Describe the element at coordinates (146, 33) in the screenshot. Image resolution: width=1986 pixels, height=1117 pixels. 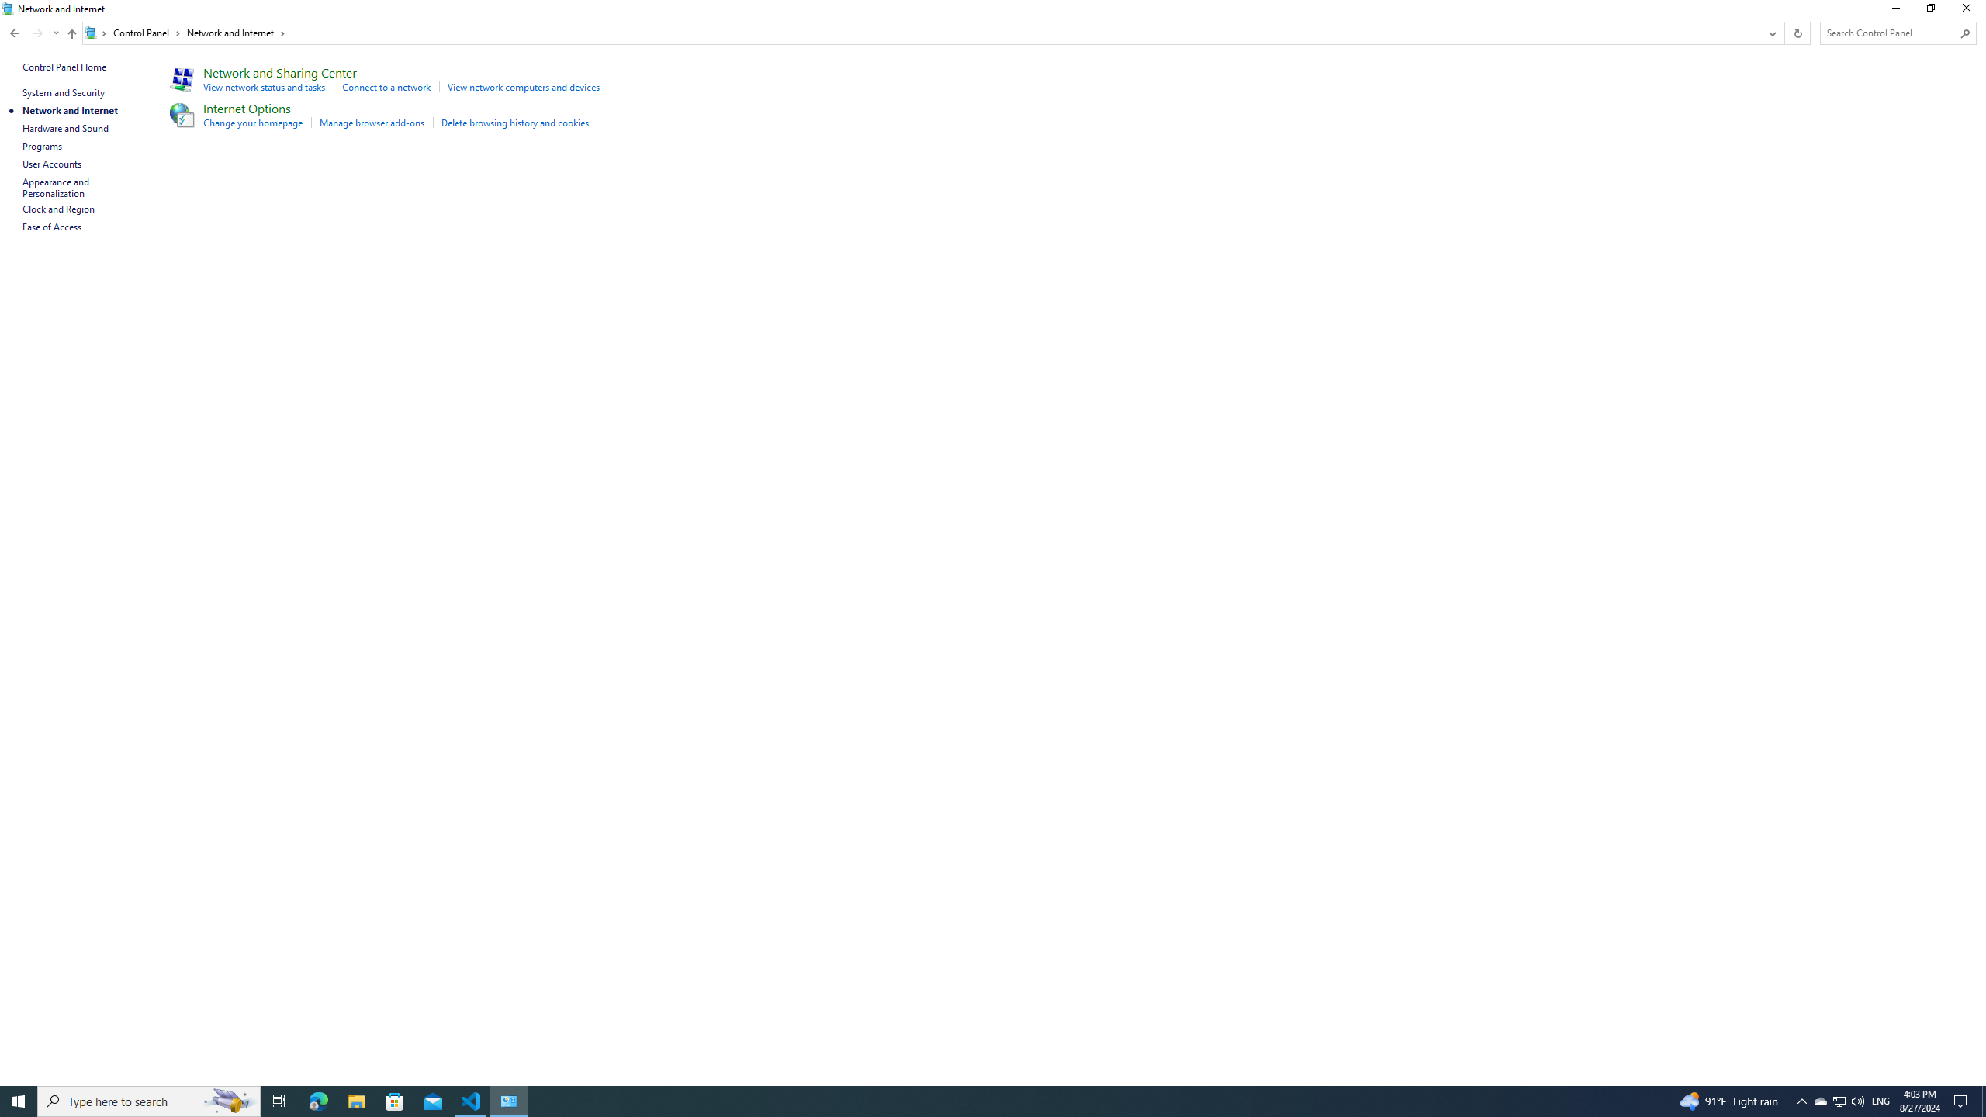
I see `'Control Panel'` at that location.